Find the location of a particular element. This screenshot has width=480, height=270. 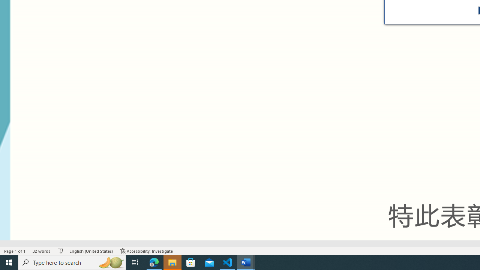

'Page Number Page 1 of 1' is located at coordinates (15, 251).